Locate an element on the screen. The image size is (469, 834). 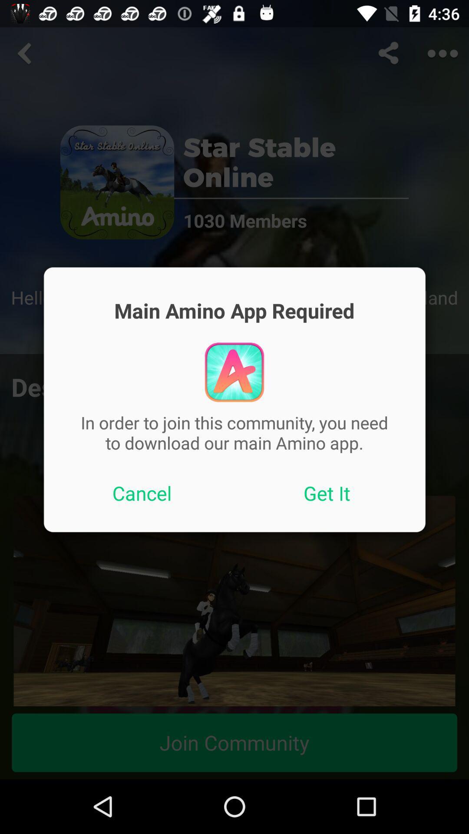
icon next to get it is located at coordinates (142, 493).